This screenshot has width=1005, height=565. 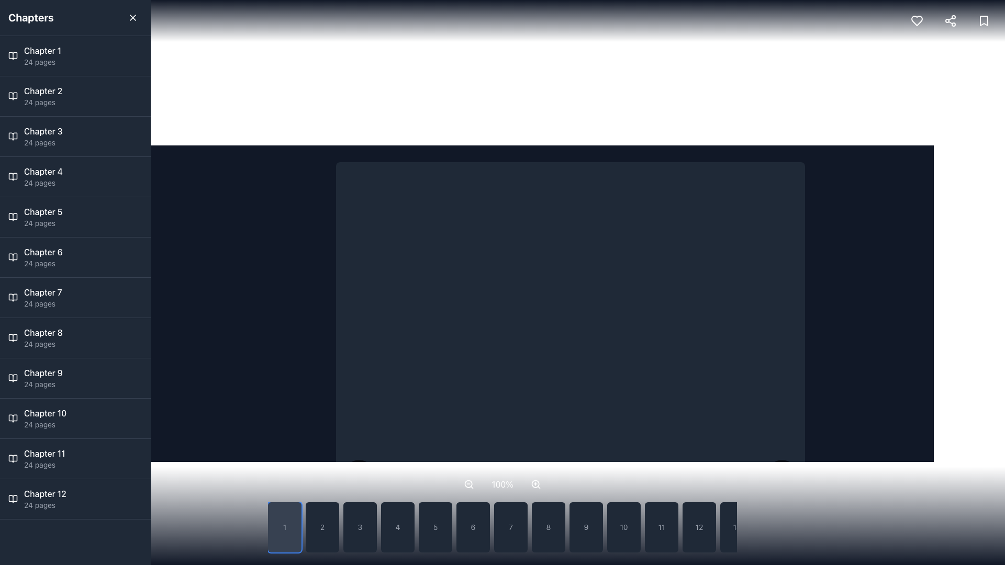 I want to click on the button representing chapter 10 in the navigation interface to observe the hover effect, so click(x=623, y=527).